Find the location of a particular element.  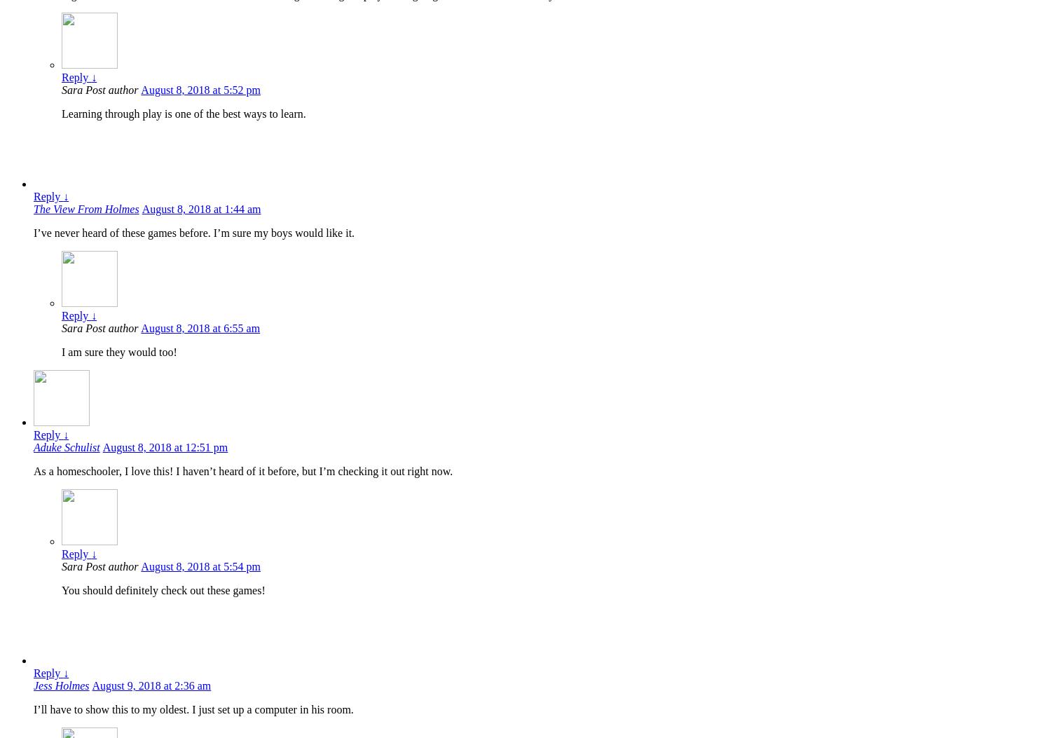

'August 8, 2018 at 6:55 am' is located at coordinates (200, 327).